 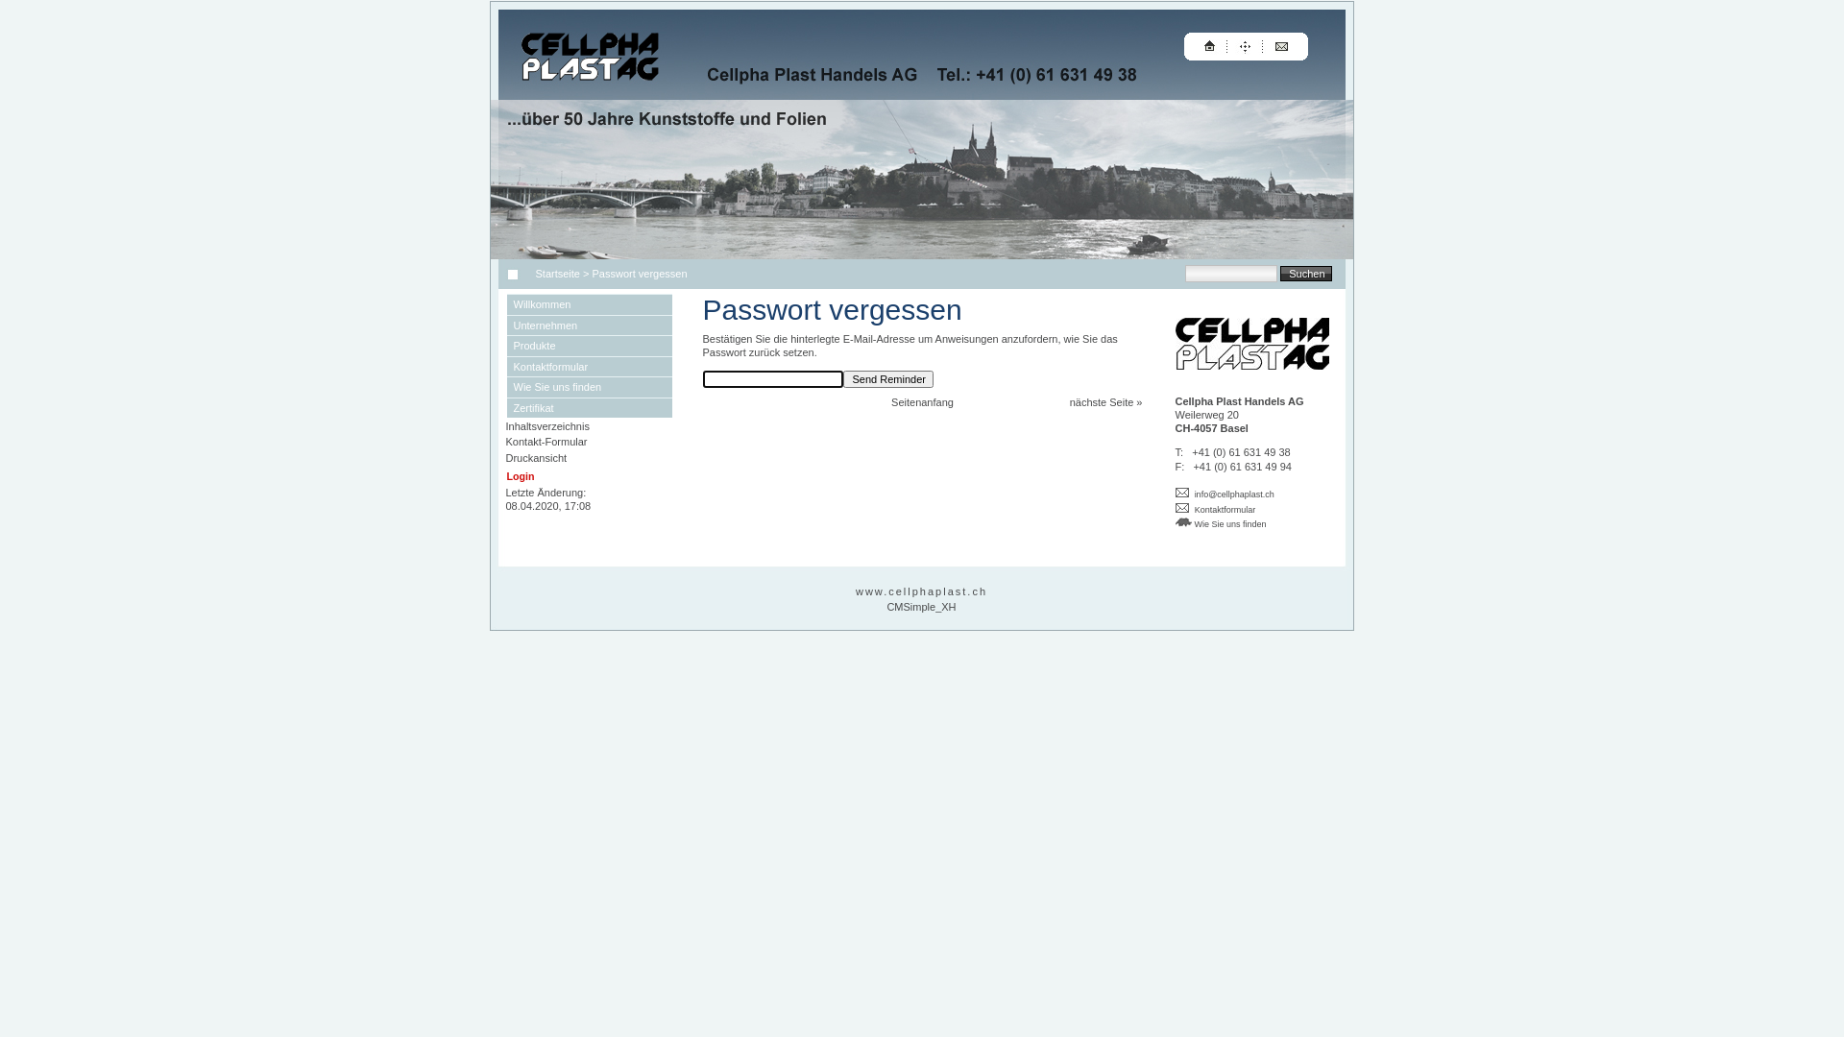 I want to click on 'Suchen', so click(x=1305, y=273).